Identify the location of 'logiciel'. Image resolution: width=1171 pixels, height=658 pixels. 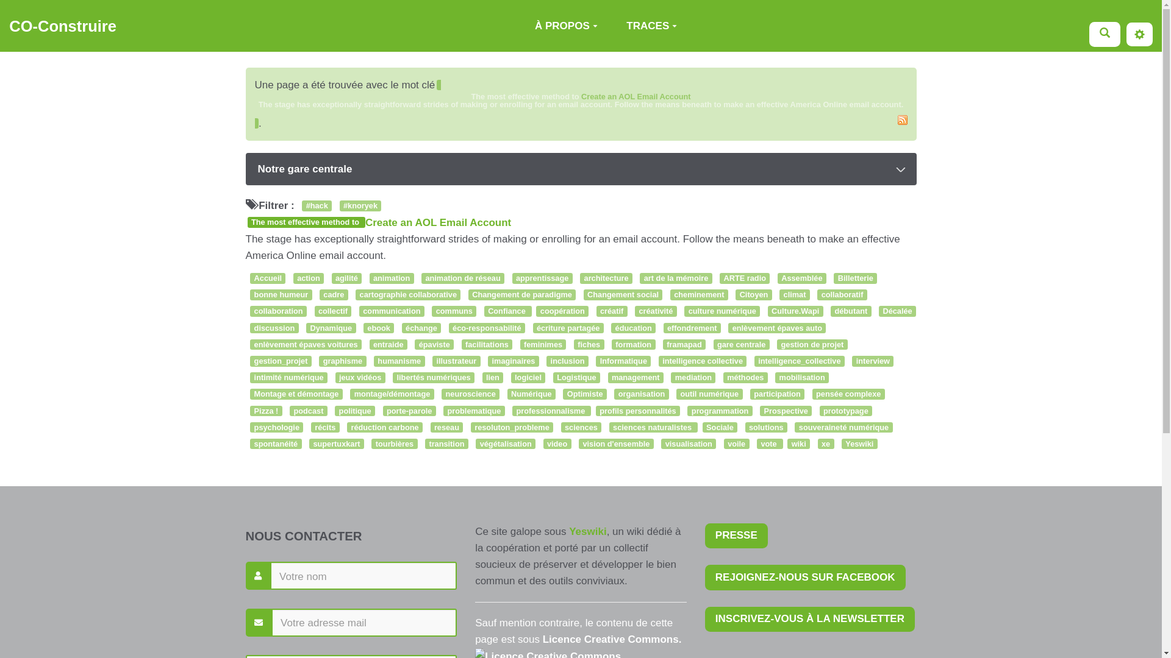
(511, 377).